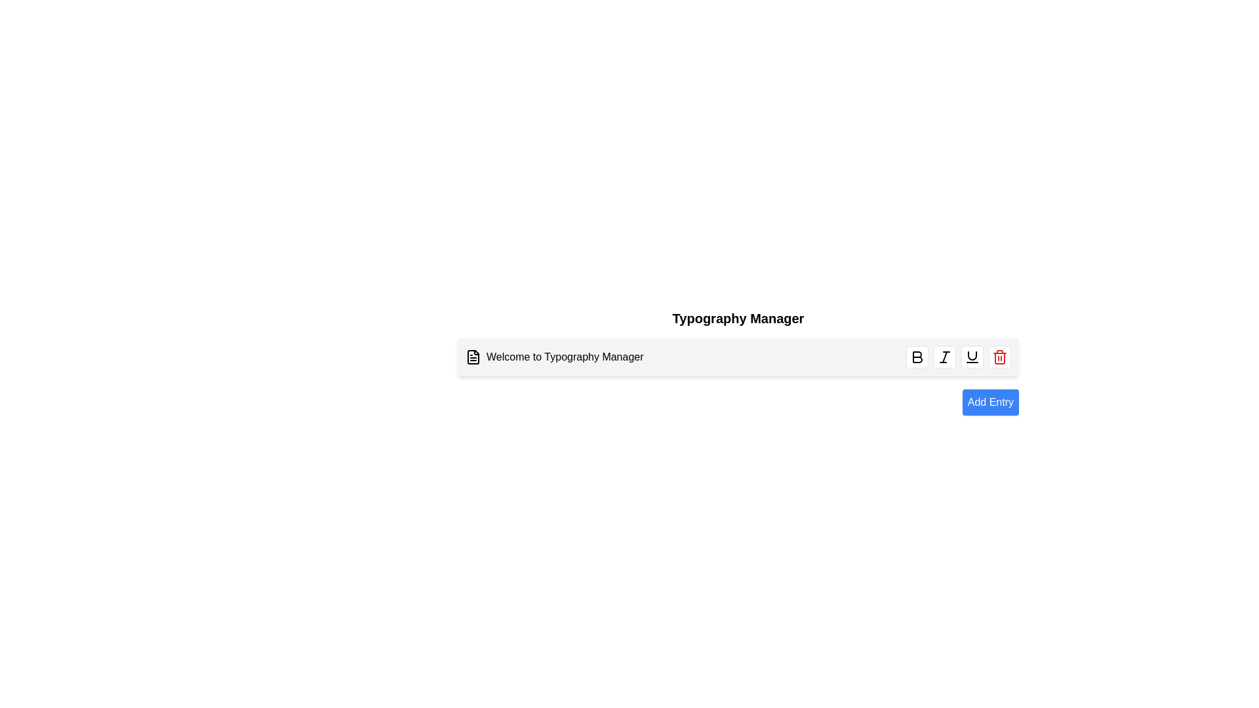 This screenshot has height=708, width=1259. What do you see at coordinates (999, 357) in the screenshot?
I see `the red trash can icon button located at the end of the row of interactive buttons` at bounding box center [999, 357].